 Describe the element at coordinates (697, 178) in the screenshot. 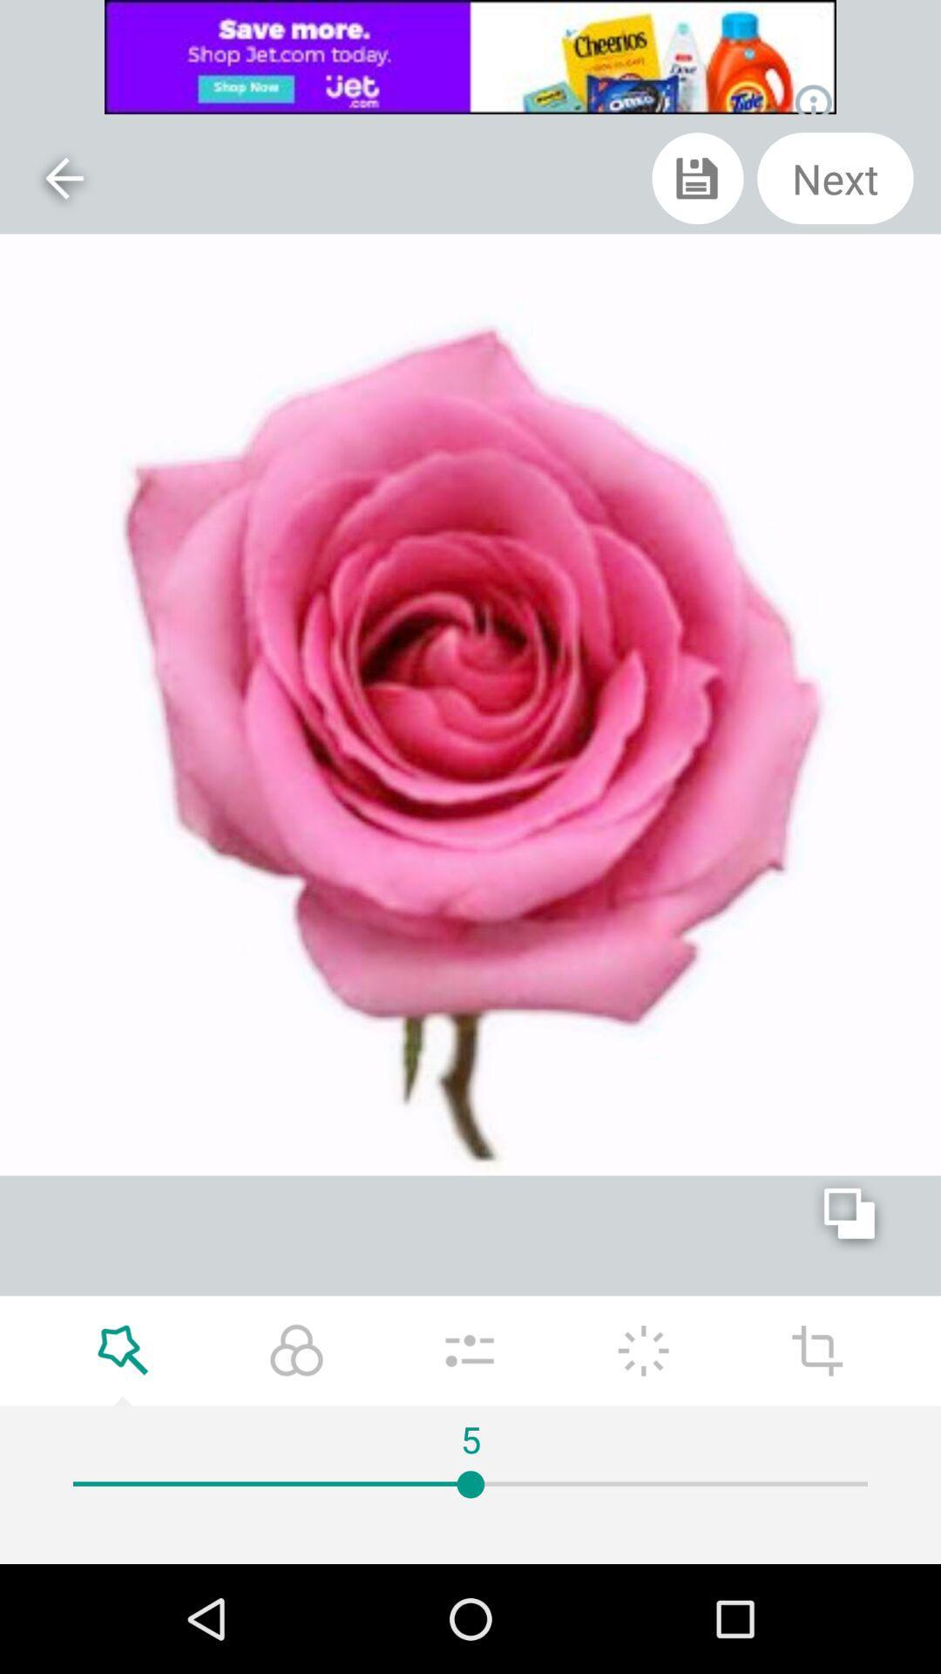

I see `to memory card` at that location.